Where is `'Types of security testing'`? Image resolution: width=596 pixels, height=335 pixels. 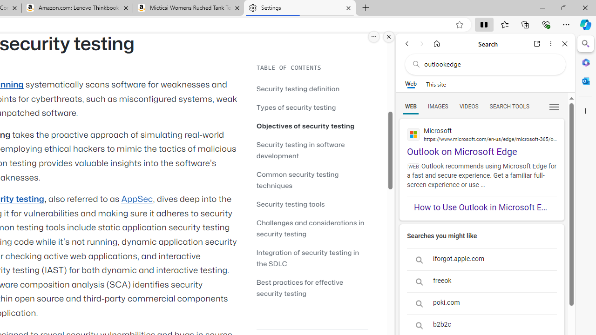 'Types of security testing' is located at coordinates (312, 107).